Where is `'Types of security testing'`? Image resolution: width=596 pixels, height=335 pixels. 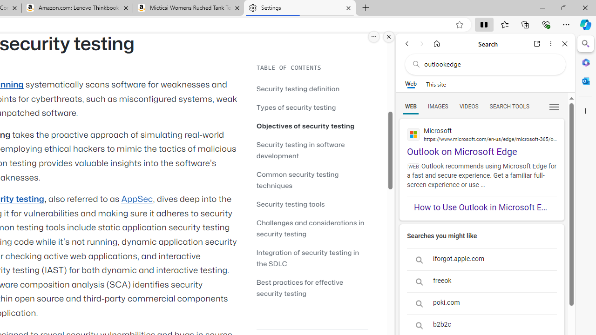 'Types of security testing' is located at coordinates (312, 107).